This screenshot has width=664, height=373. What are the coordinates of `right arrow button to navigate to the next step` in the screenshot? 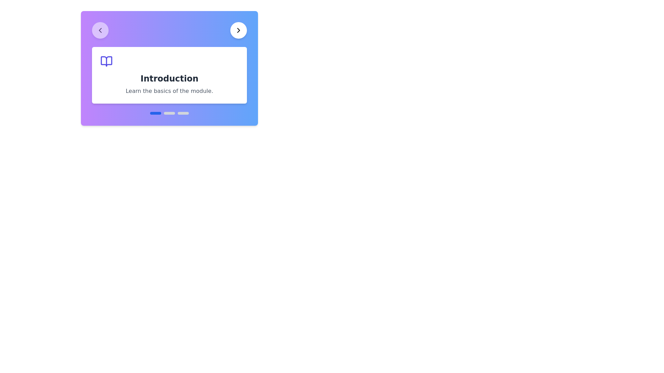 It's located at (239, 30).